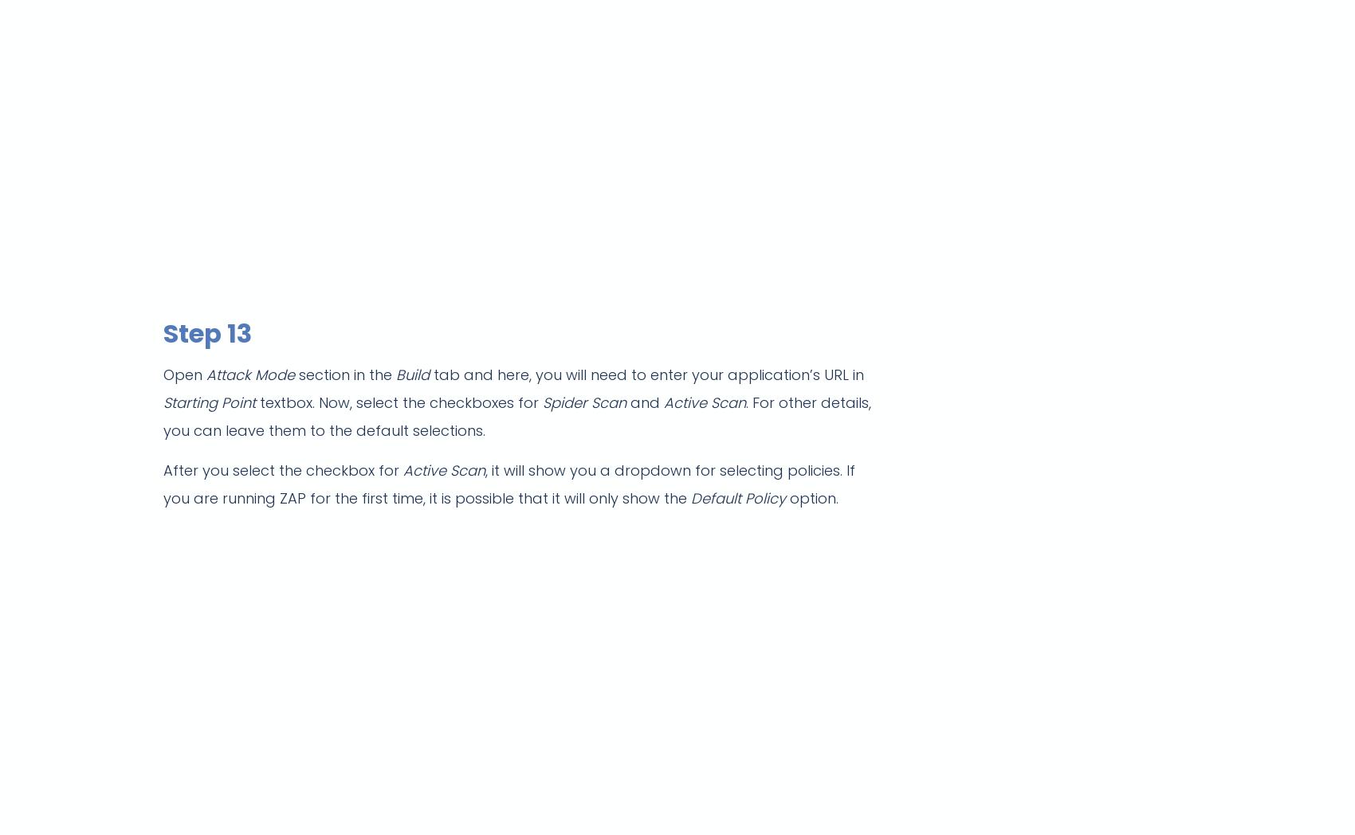 Image resolution: width=1355 pixels, height=835 pixels. Describe the element at coordinates (811, 497) in the screenshot. I see `'option.'` at that location.